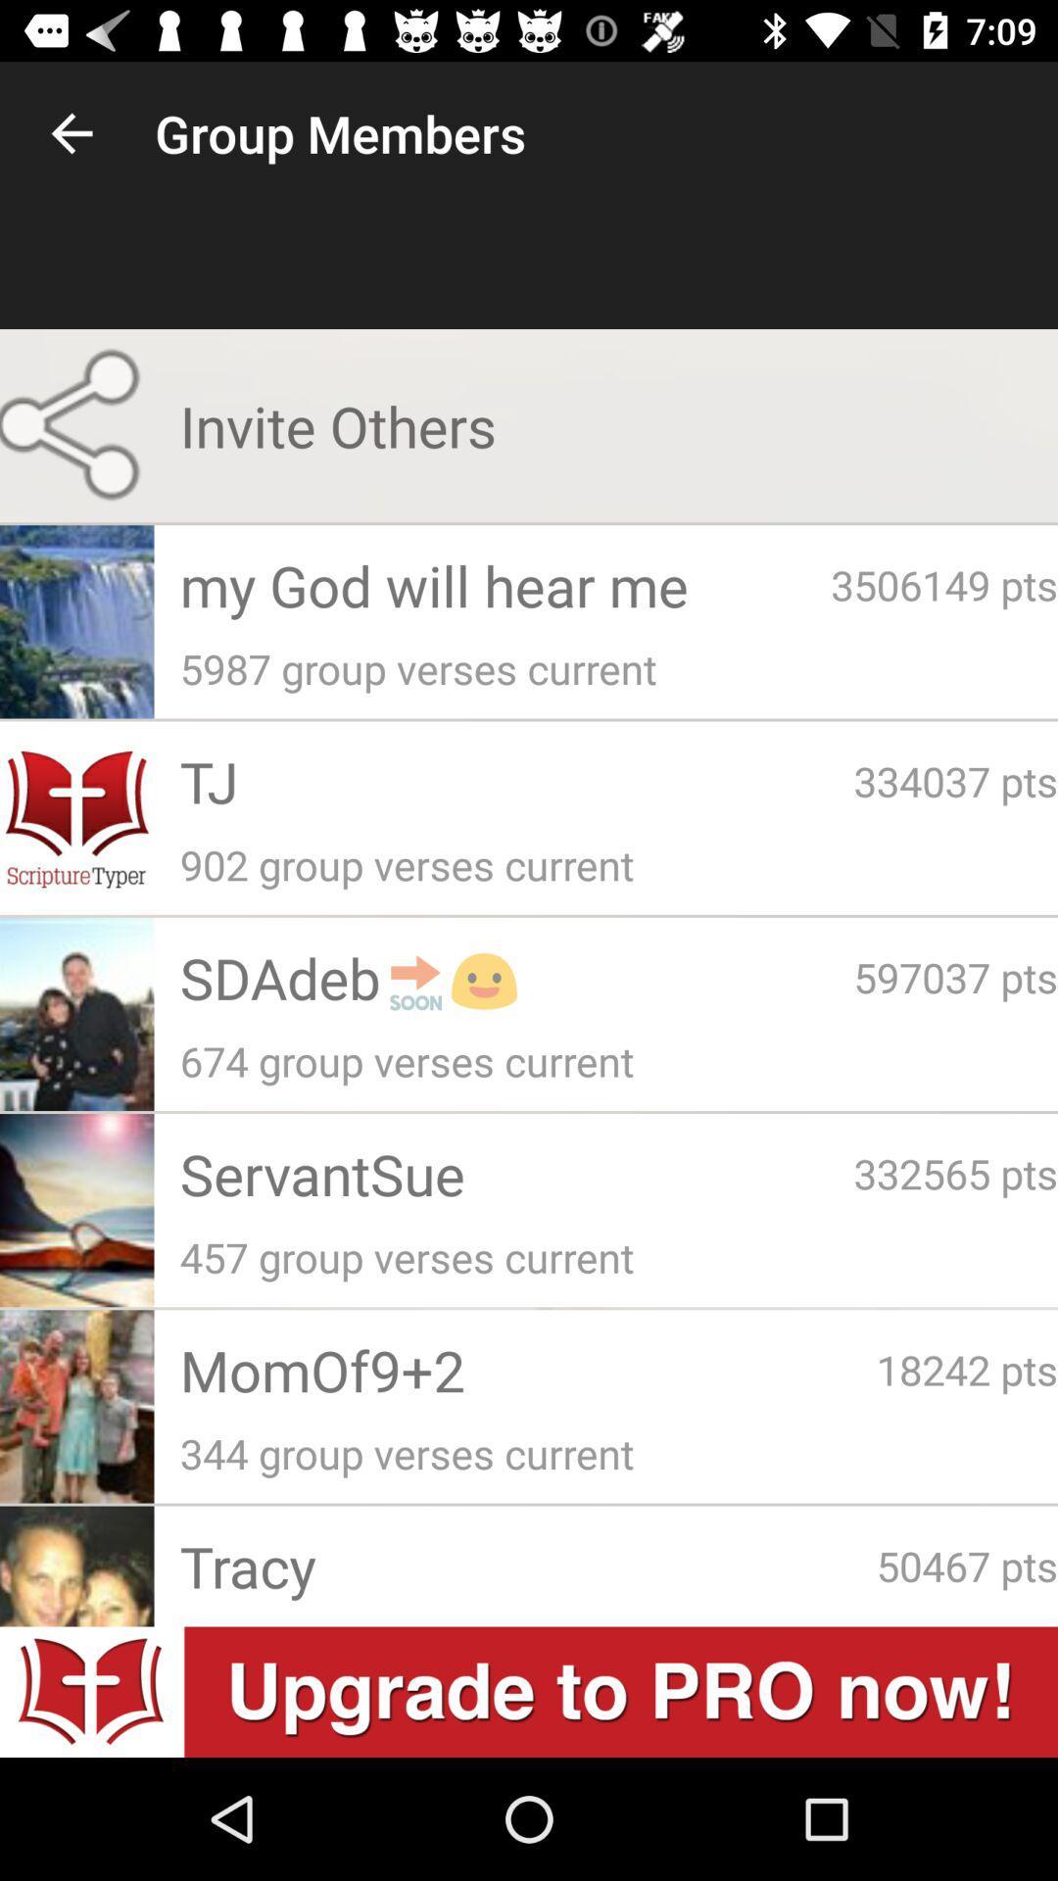  What do you see at coordinates (527, 1369) in the screenshot?
I see `item to the left of the 18242 pts` at bounding box center [527, 1369].